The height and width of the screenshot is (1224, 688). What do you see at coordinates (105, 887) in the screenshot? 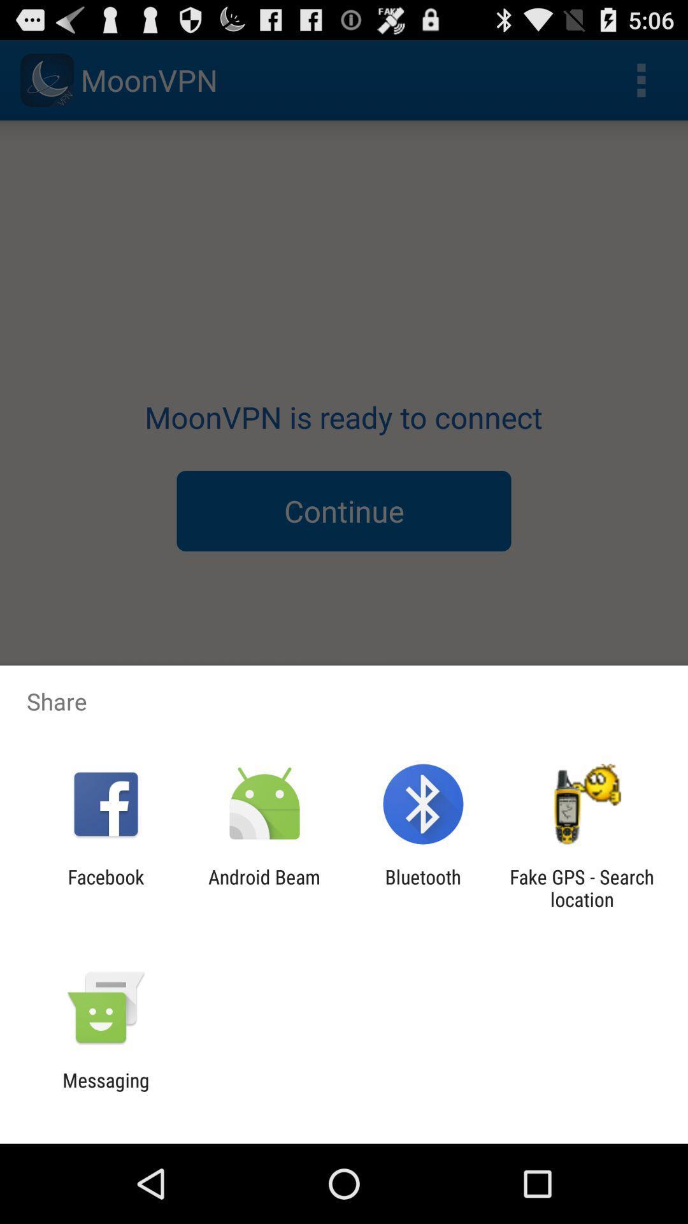
I see `the icon next to android beam app` at bounding box center [105, 887].